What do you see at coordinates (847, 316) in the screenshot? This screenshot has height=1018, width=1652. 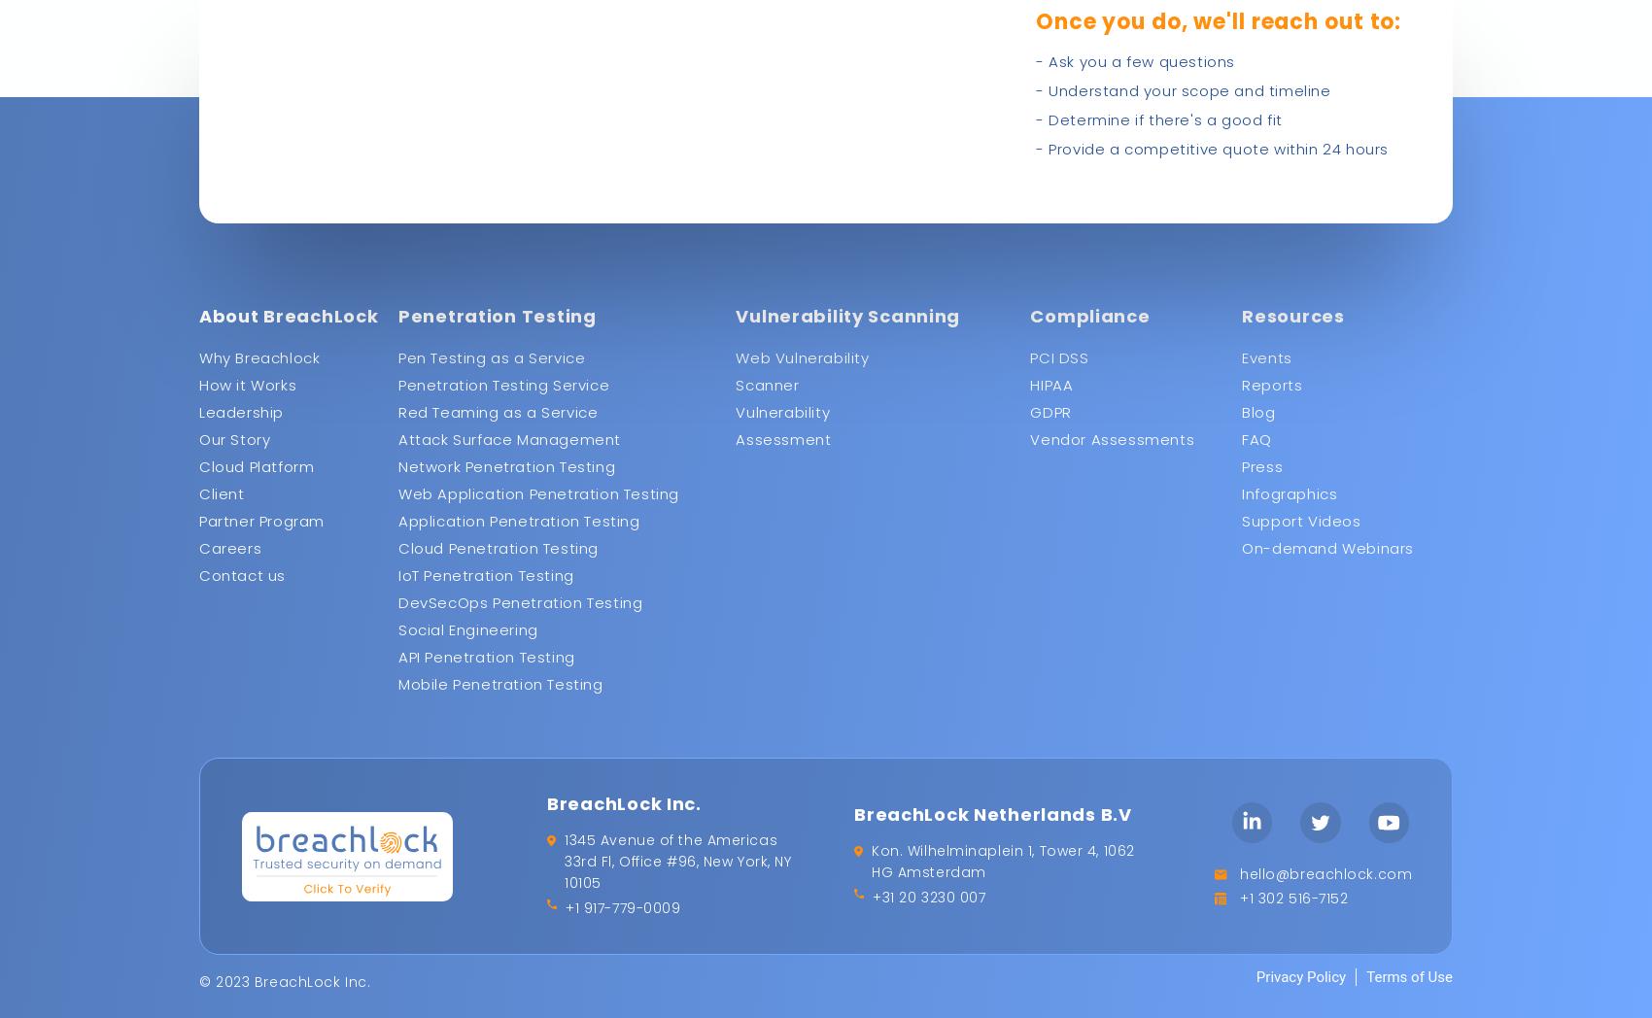 I see `'Vulnerability Scanning'` at bounding box center [847, 316].